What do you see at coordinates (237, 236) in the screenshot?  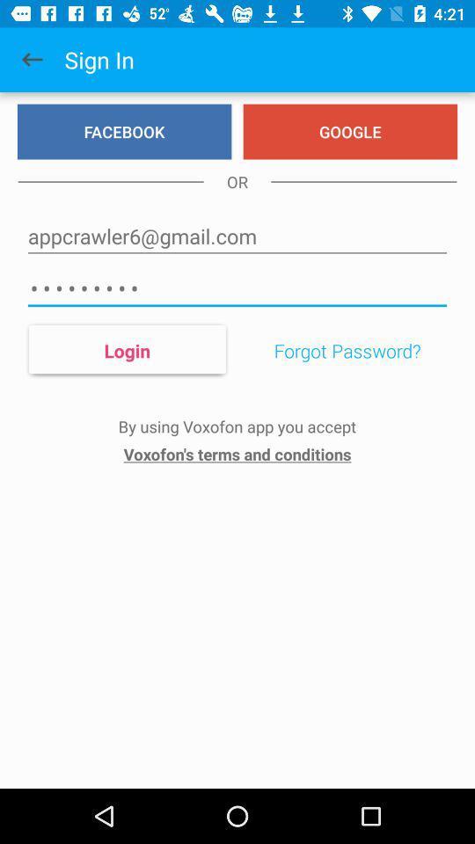 I see `icon below or` at bounding box center [237, 236].